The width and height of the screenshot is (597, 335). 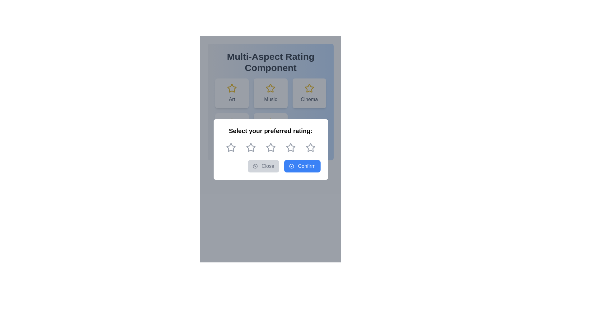 What do you see at coordinates (290, 147) in the screenshot?
I see `the fourth star icon in the five-point rating scale located in the modal titled 'Select your preferred rating:'` at bounding box center [290, 147].